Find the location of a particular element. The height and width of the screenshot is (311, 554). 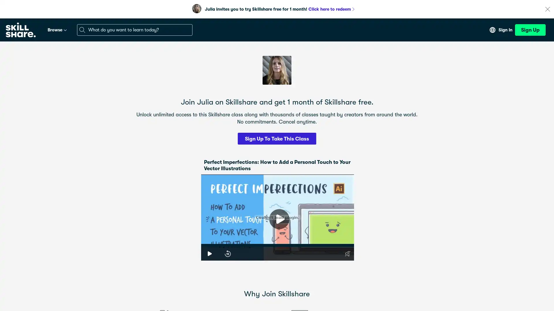

Play Video is located at coordinates (279, 219).